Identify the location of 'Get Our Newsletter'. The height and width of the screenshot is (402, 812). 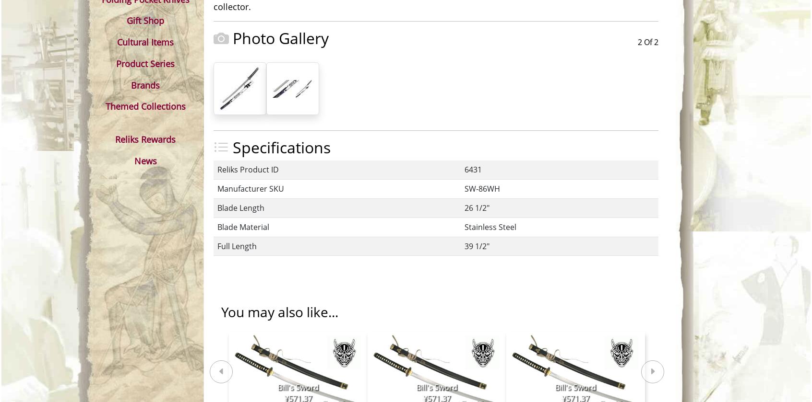
(483, 254).